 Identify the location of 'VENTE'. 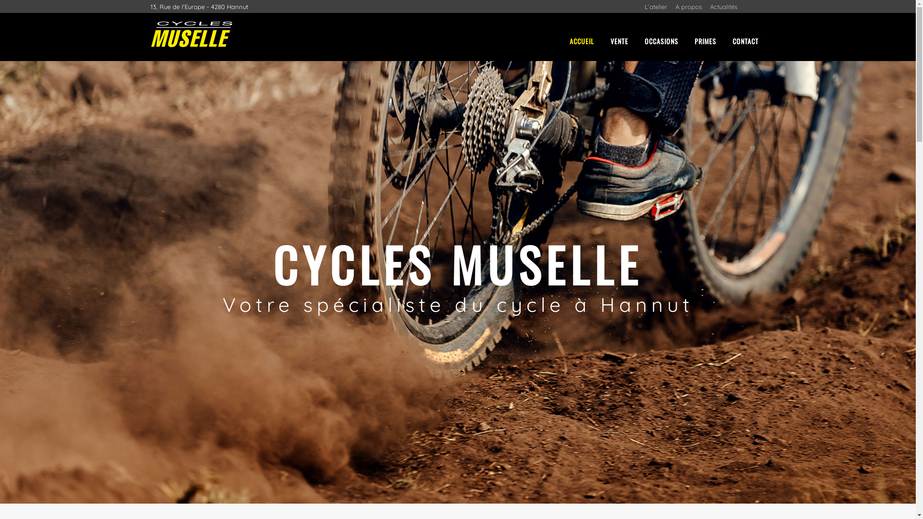
(619, 40).